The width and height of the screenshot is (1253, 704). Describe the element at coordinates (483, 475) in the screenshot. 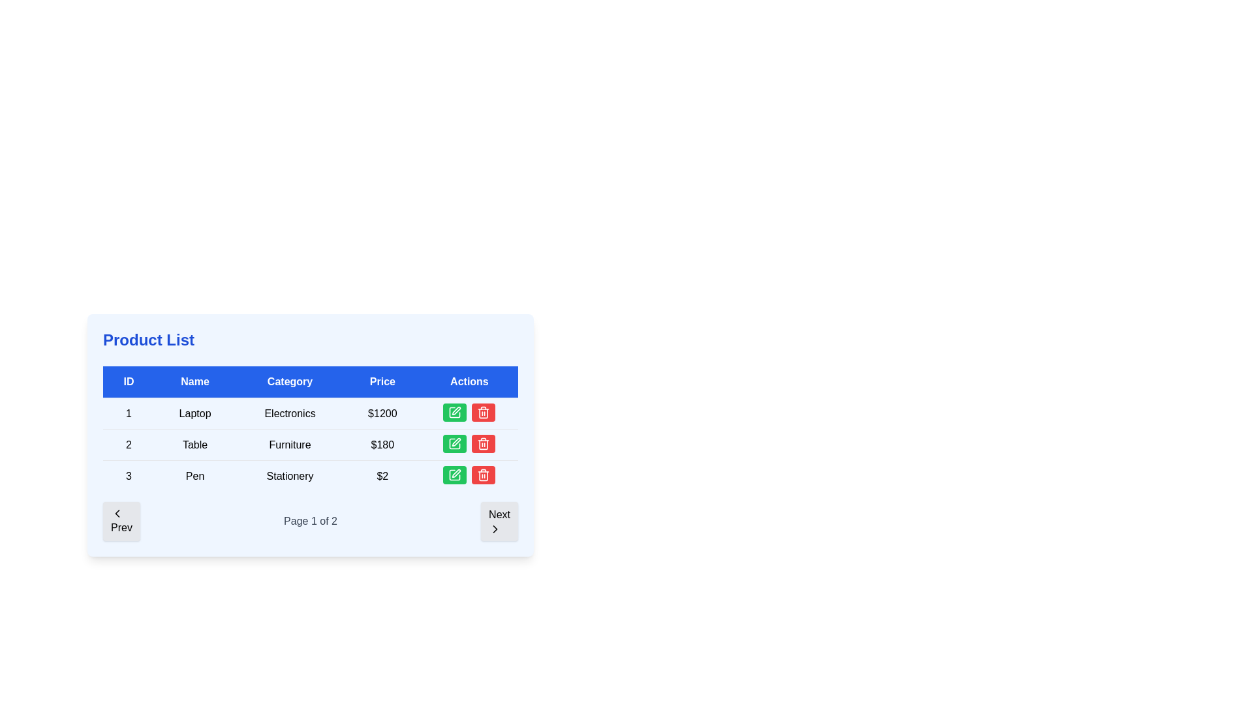

I see `the delete button located in the 'Actions' column at the third row of the table` at that location.